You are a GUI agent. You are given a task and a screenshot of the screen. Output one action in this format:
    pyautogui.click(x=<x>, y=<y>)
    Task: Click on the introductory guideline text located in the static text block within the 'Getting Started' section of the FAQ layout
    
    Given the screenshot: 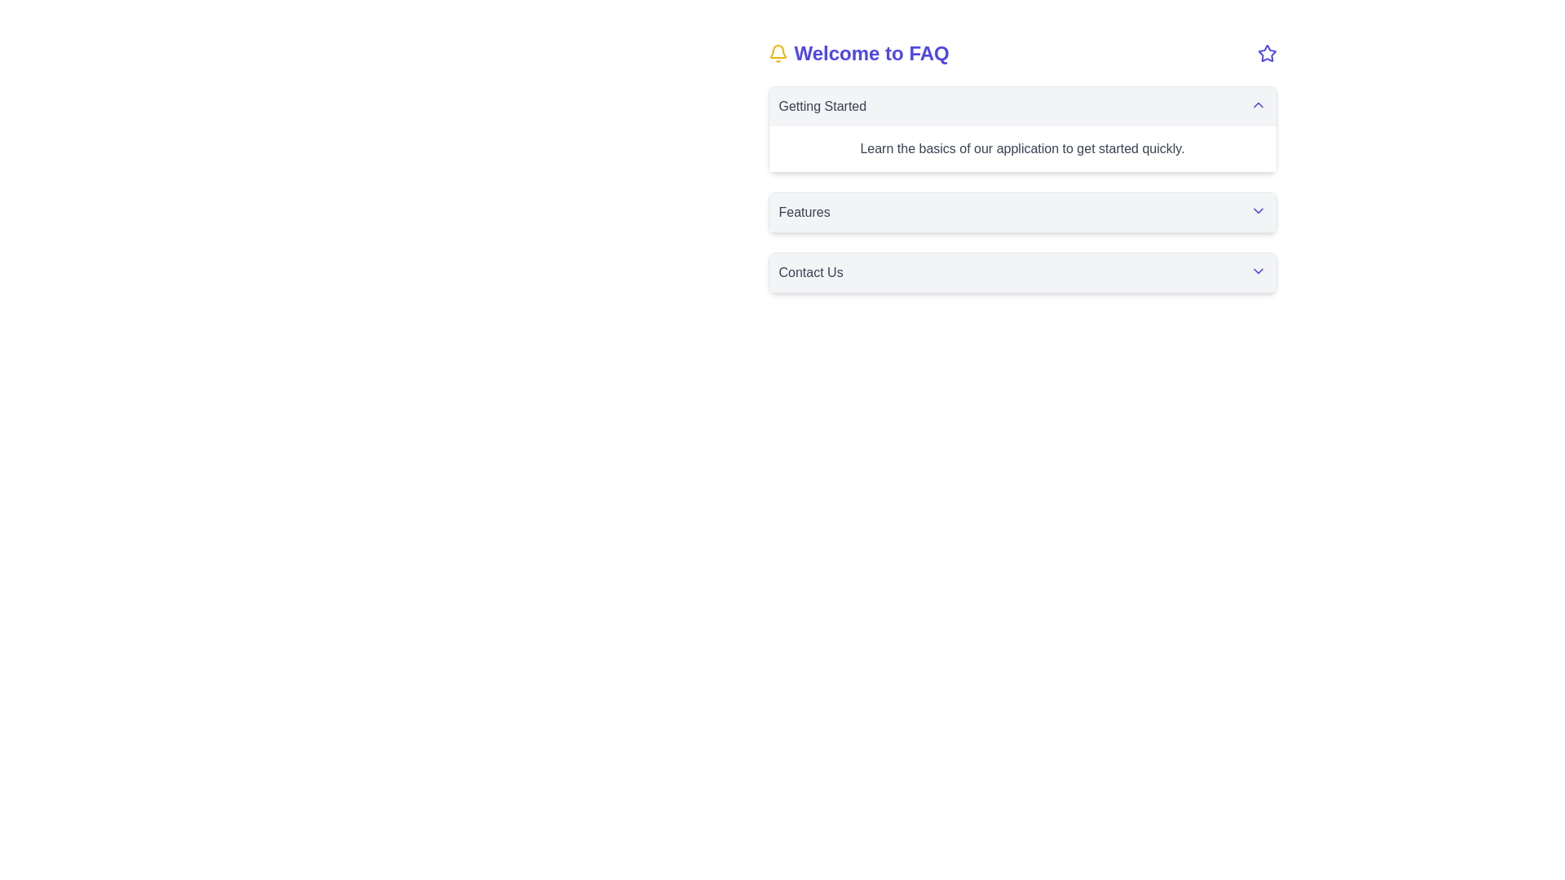 What is the action you would take?
    pyautogui.click(x=1021, y=148)
    